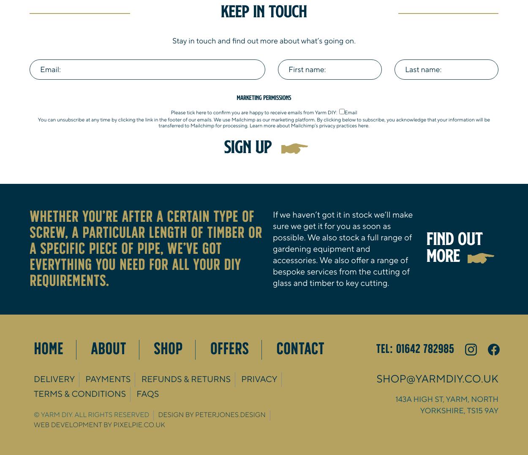  Describe the element at coordinates (33, 349) in the screenshot. I see `'Home'` at that location.